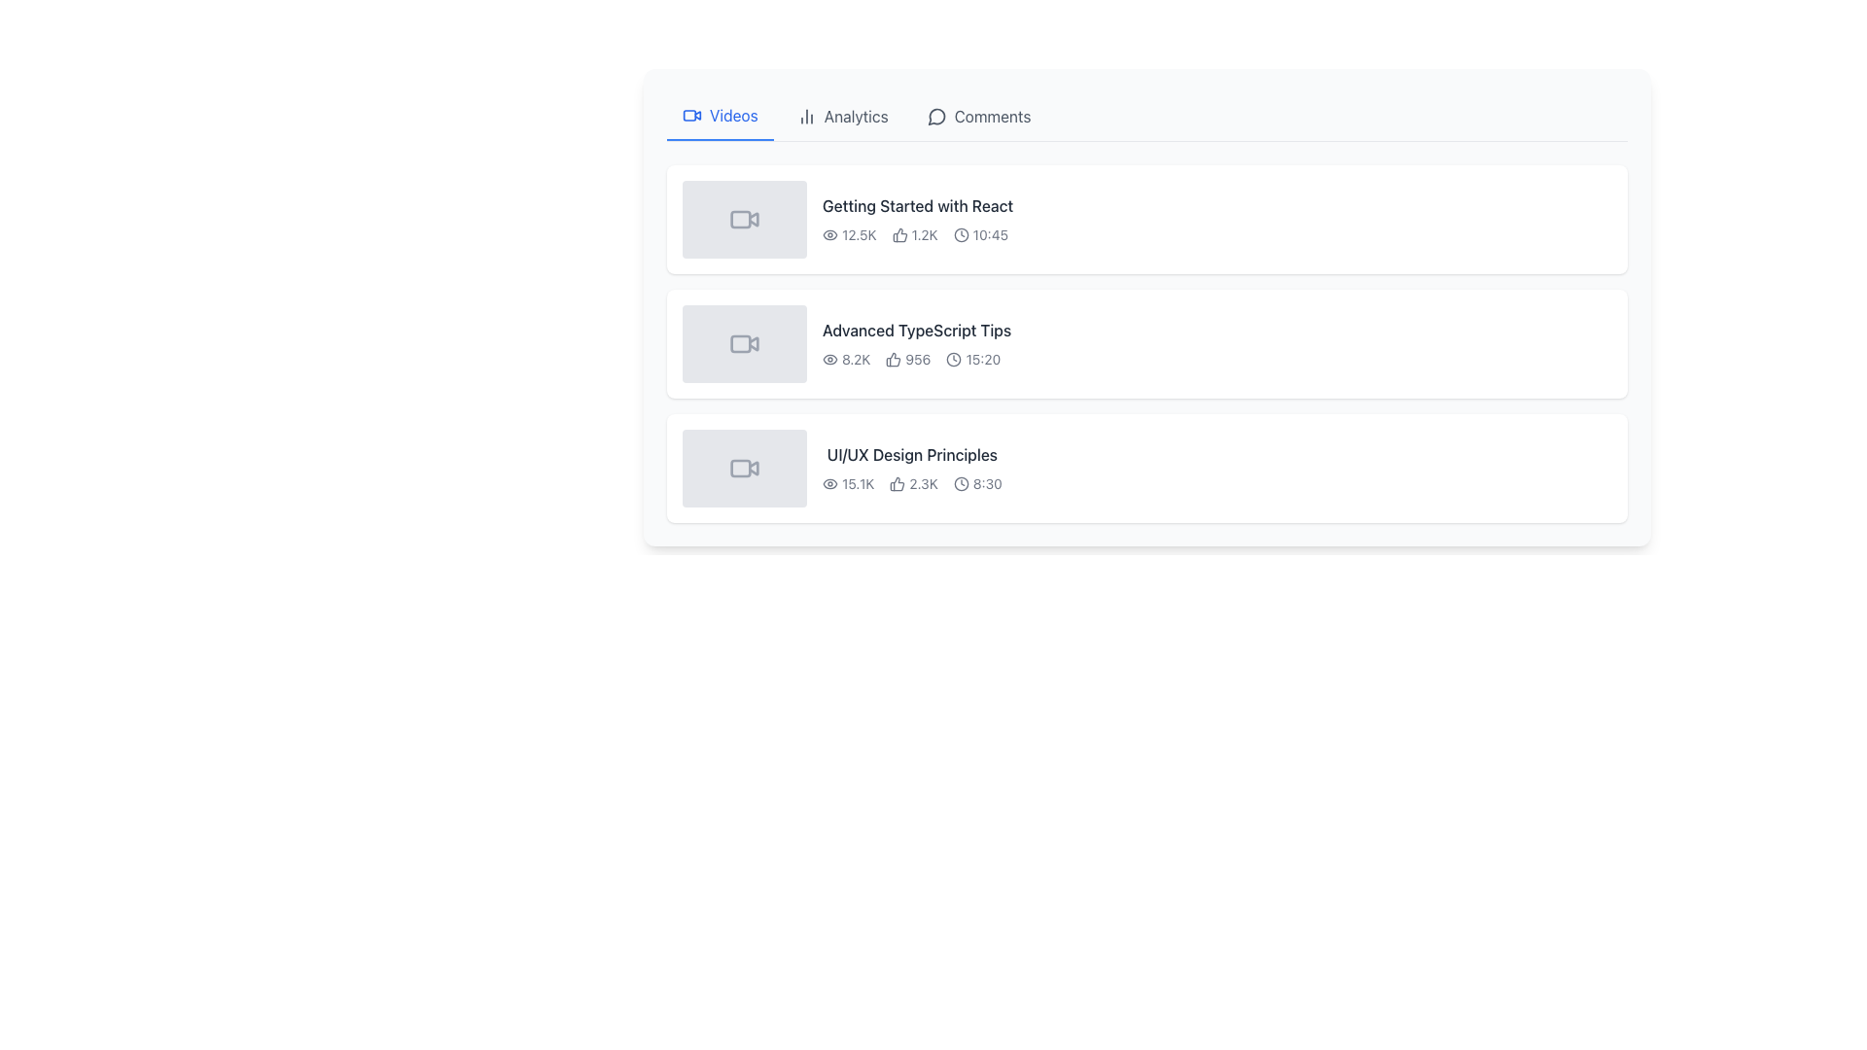 This screenshot has width=1867, height=1050. I want to click on the view count or like count in the List Item for 'UI/UX Design Principles' to see details, so click(842, 469).